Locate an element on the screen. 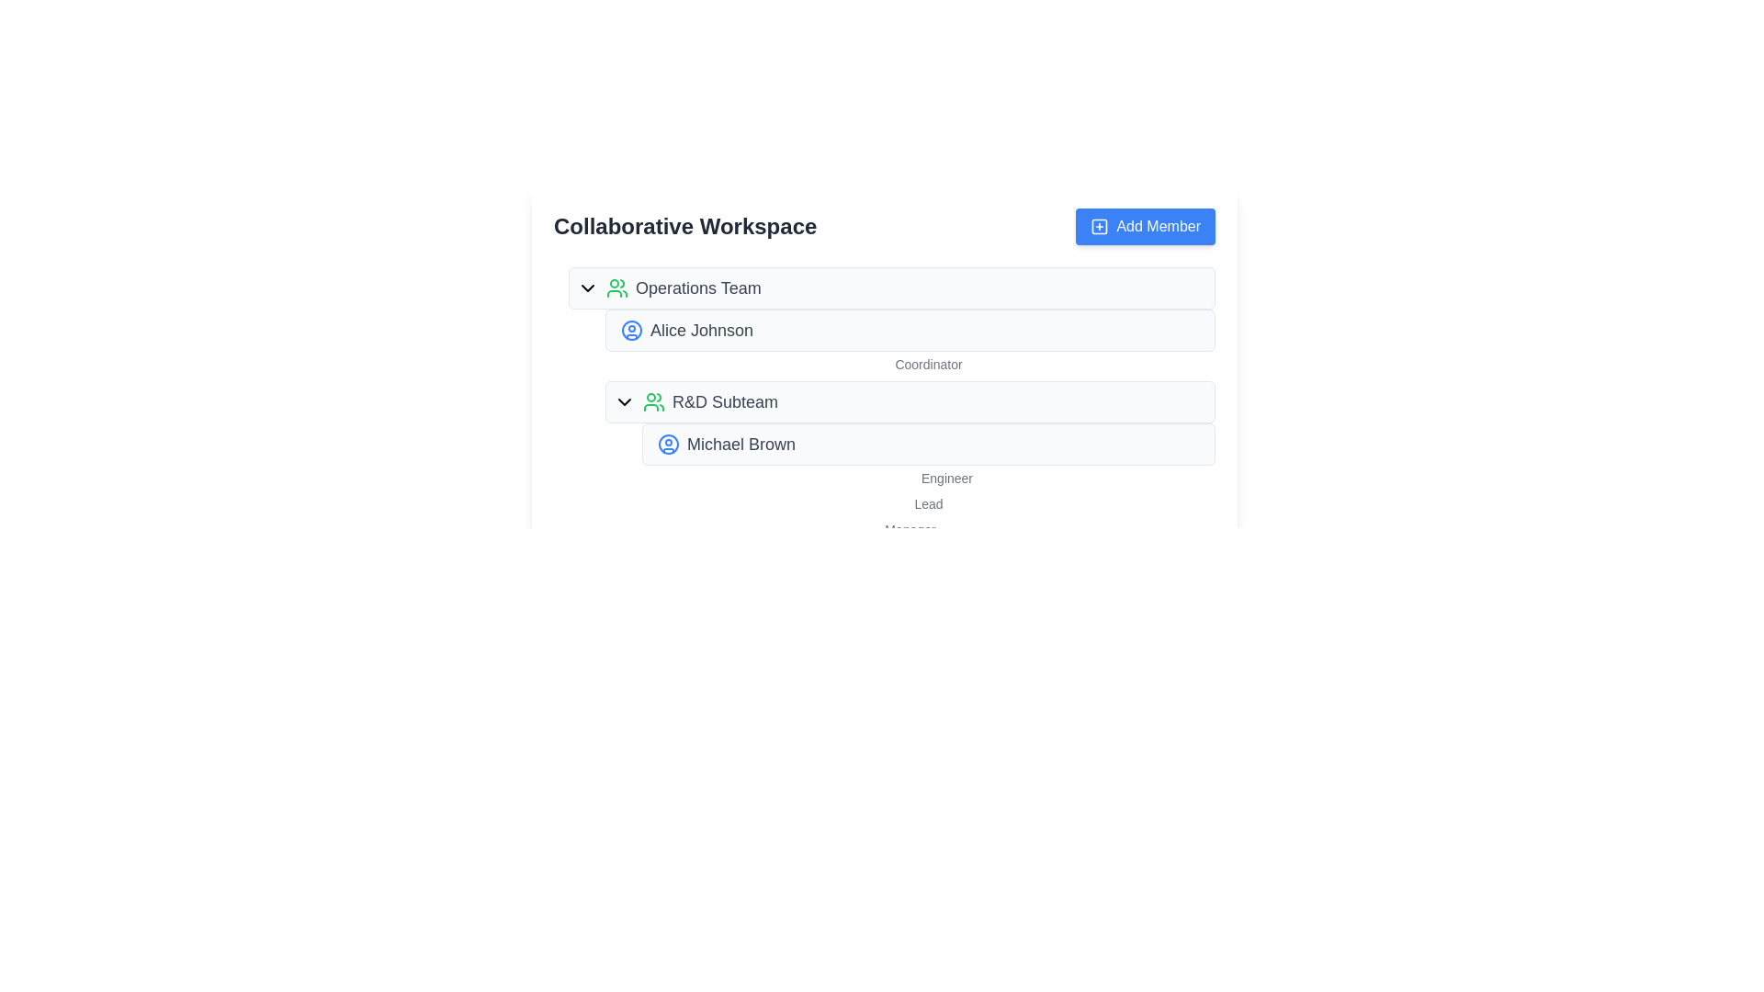  the second list item representing a team member, located beneath 'Alice Johnson' in the 'Collaborative Workspace' interface is located at coordinates (929, 455).